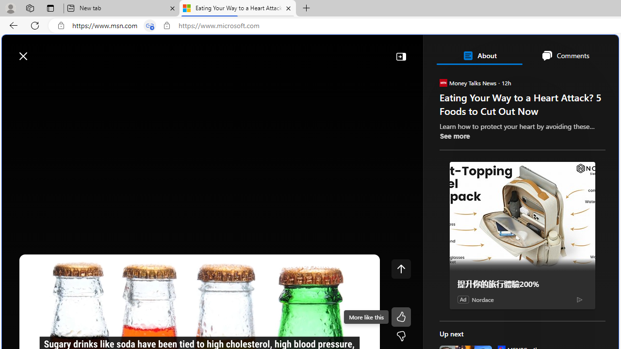  What do you see at coordinates (596, 51) in the screenshot?
I see `'Open settings'` at bounding box center [596, 51].